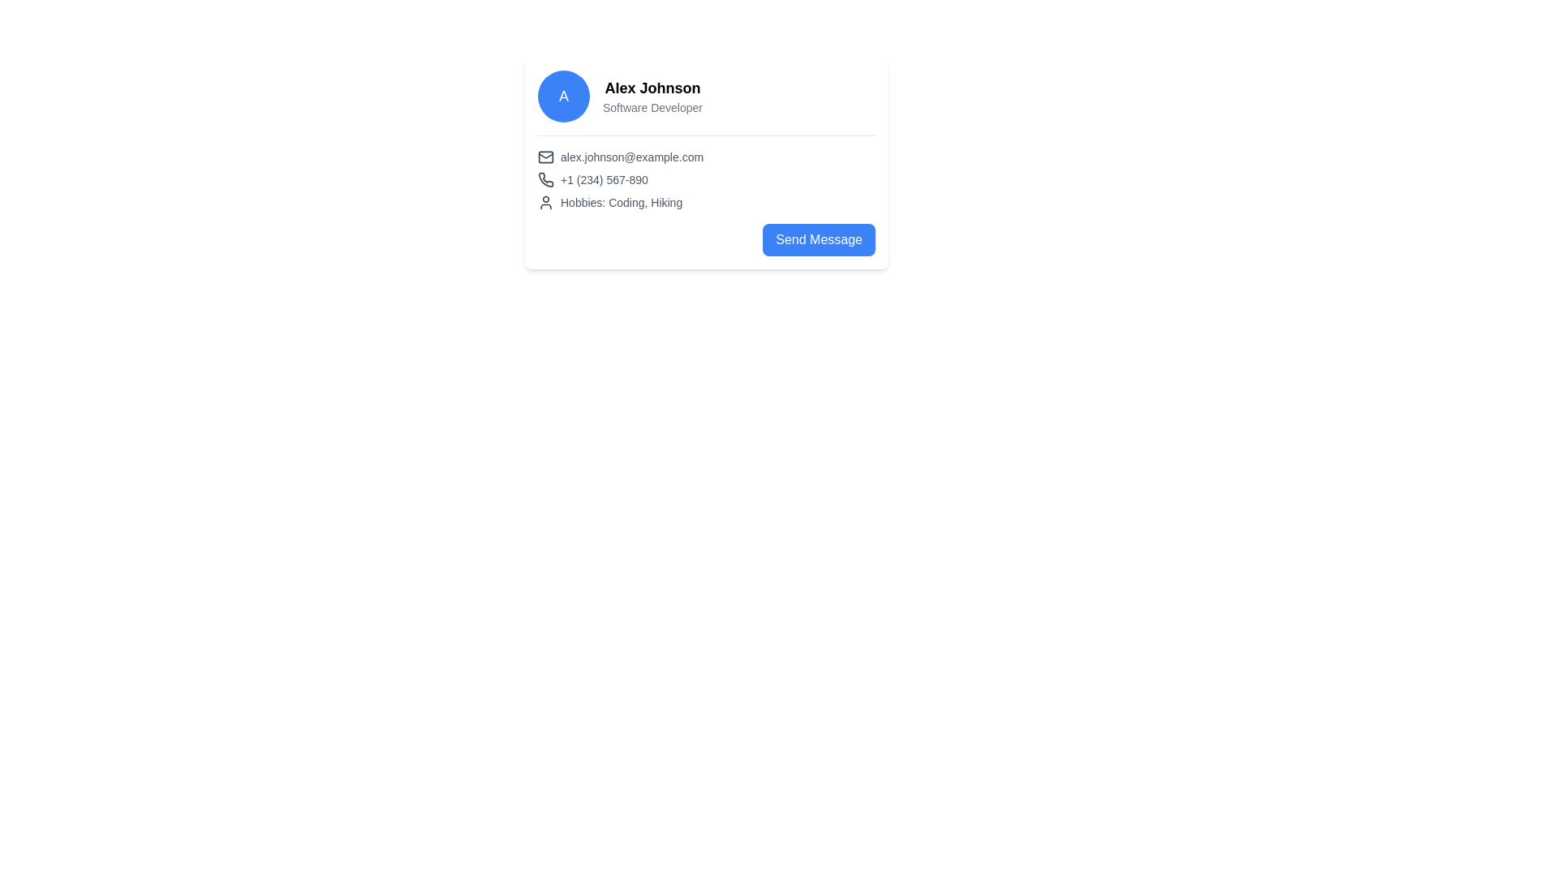  Describe the element at coordinates (621, 202) in the screenshot. I see `the informational text label that describes the individual's hobbies, located to the right of the contact information within the profile card` at that location.